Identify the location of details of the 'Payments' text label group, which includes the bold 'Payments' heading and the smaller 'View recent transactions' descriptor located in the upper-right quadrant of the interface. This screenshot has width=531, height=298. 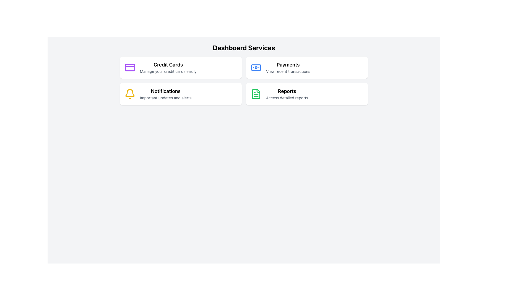
(288, 67).